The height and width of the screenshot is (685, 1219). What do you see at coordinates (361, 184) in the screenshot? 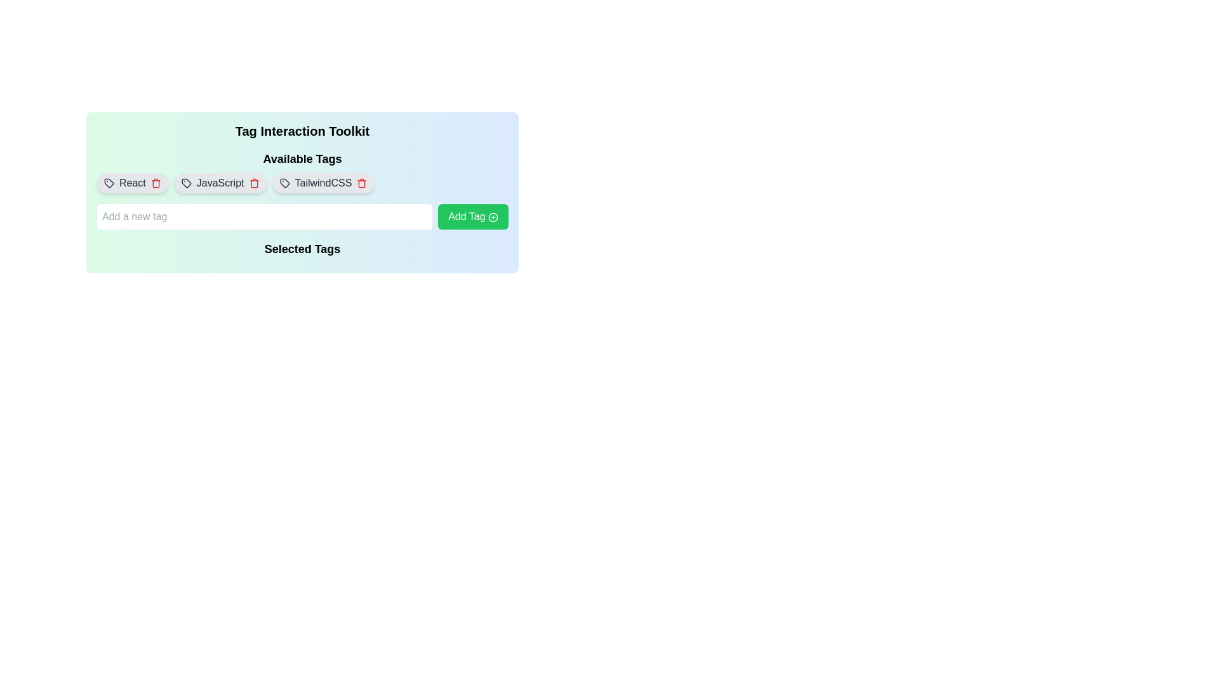
I see `the middle section of the trash can icon, which visually represents the body of the trash can and is located to the right of the tag labeled 'TailwindCSS'` at bounding box center [361, 184].